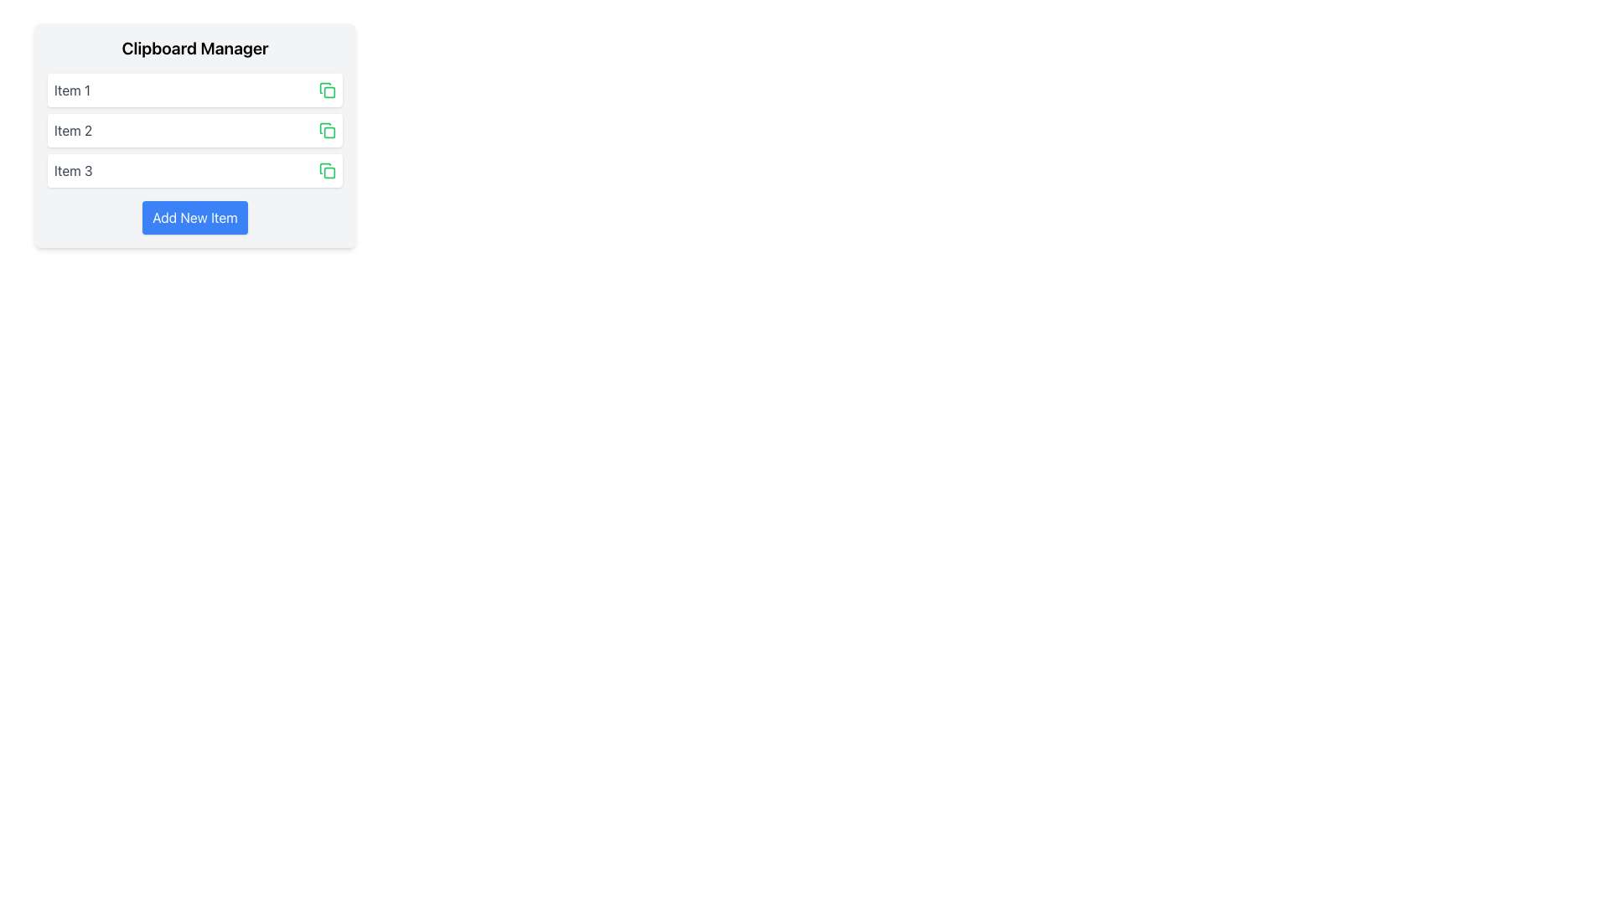 The width and height of the screenshot is (1609, 905). I want to click on the copy icon located to the right of 'Item 1' in the first row of the list, so click(325, 88).